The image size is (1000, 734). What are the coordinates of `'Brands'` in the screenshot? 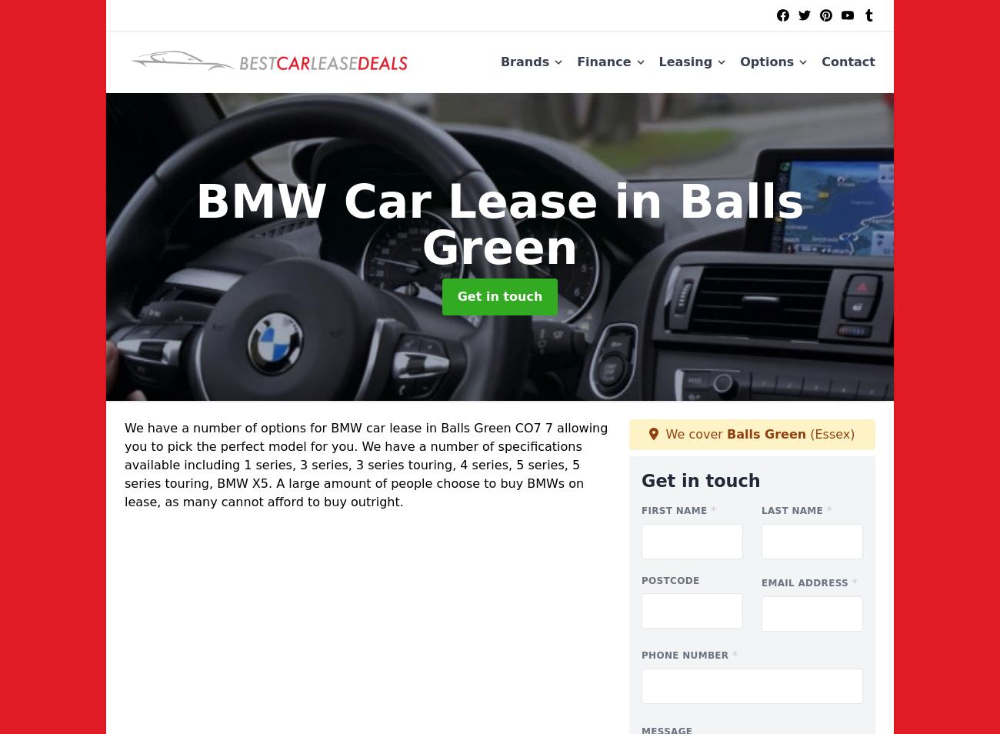 It's located at (523, 60).